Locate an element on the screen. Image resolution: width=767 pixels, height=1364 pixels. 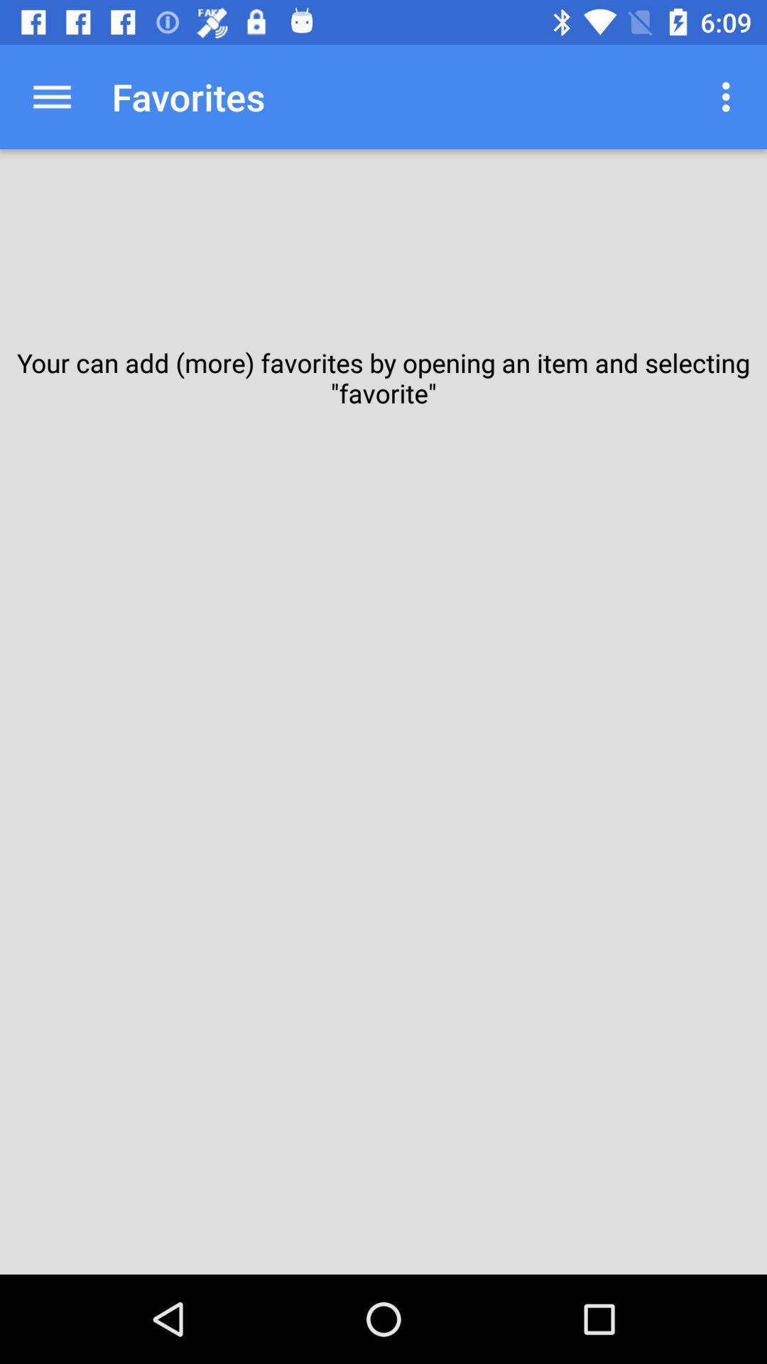
icon next to the favorites app is located at coordinates (729, 96).